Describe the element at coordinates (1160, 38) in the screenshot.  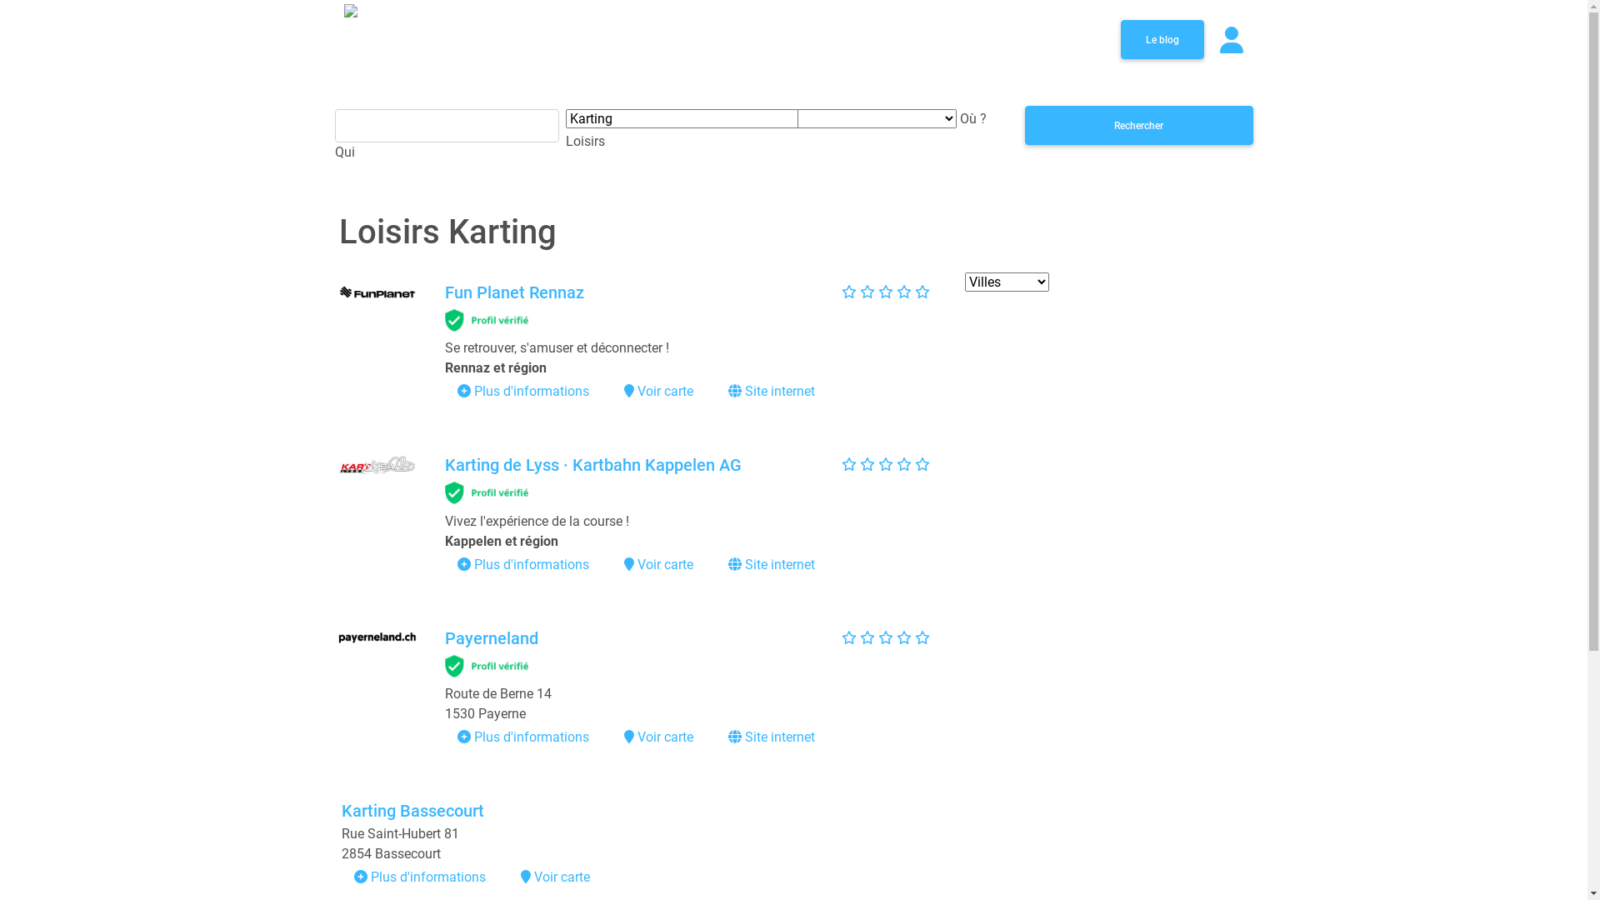
I see `'Le blog'` at that location.